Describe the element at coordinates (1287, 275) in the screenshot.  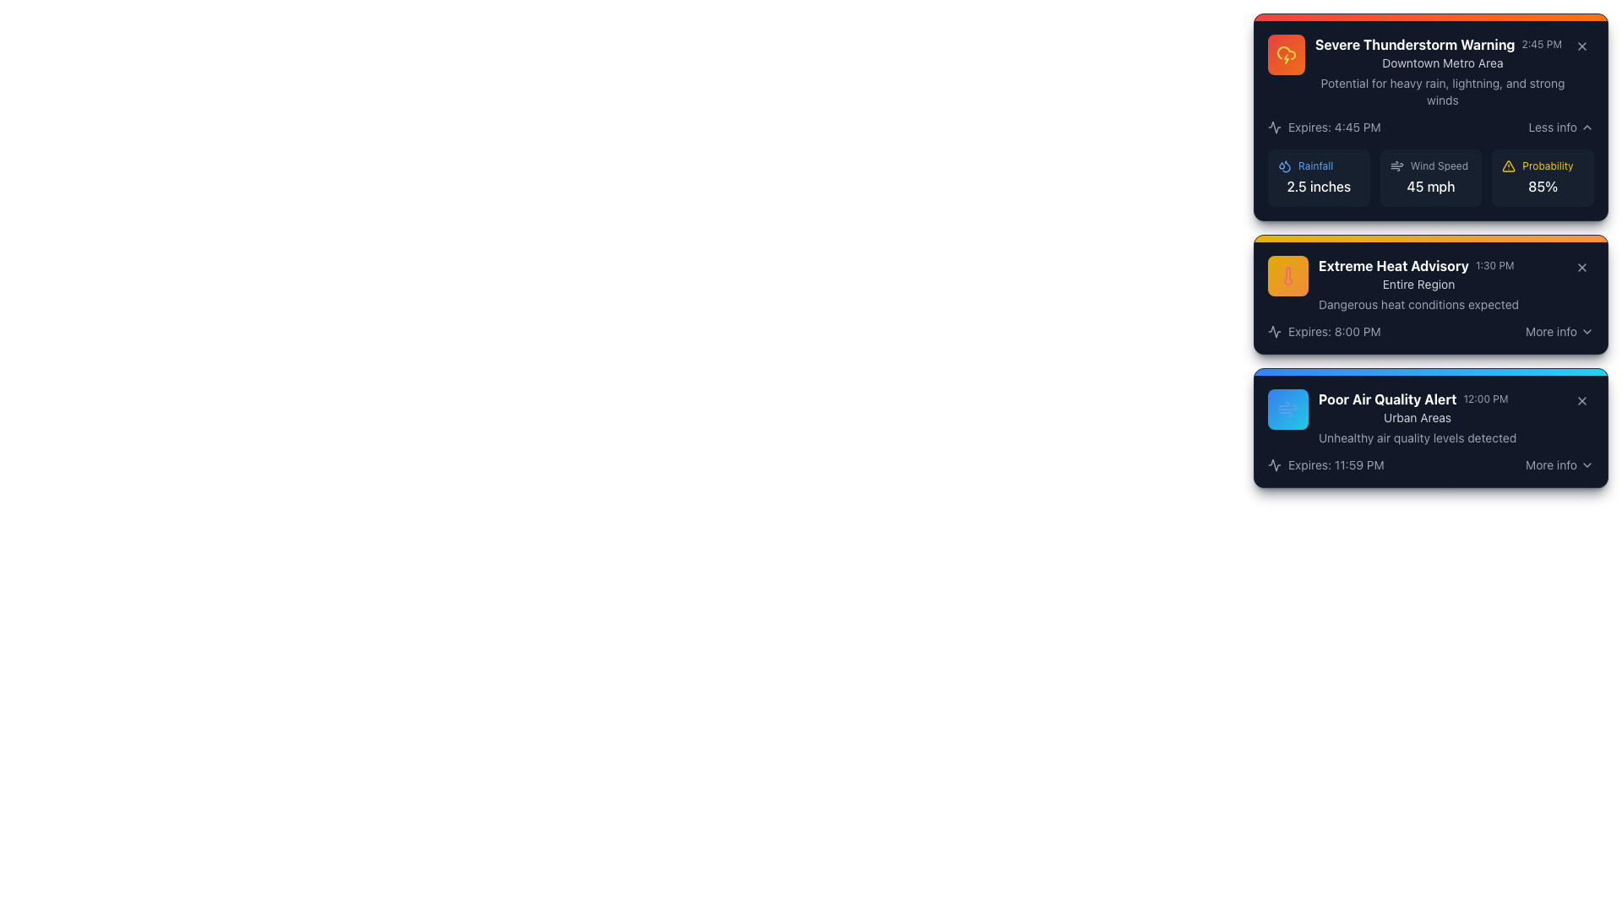
I see `the prominent thermometer icon with a red tone, which is located in the top-left section of the 'Extreme Heat Advisory' notification card` at that location.